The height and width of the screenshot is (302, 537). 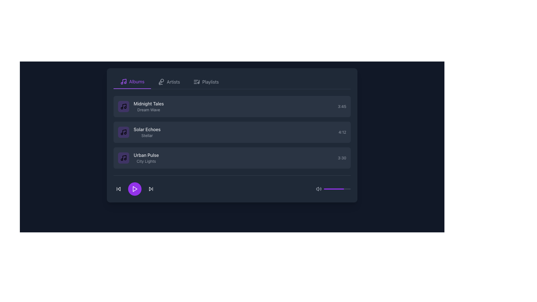 What do you see at coordinates (135, 189) in the screenshot?
I see `the circular play button with a purple background and a white play icon` at bounding box center [135, 189].